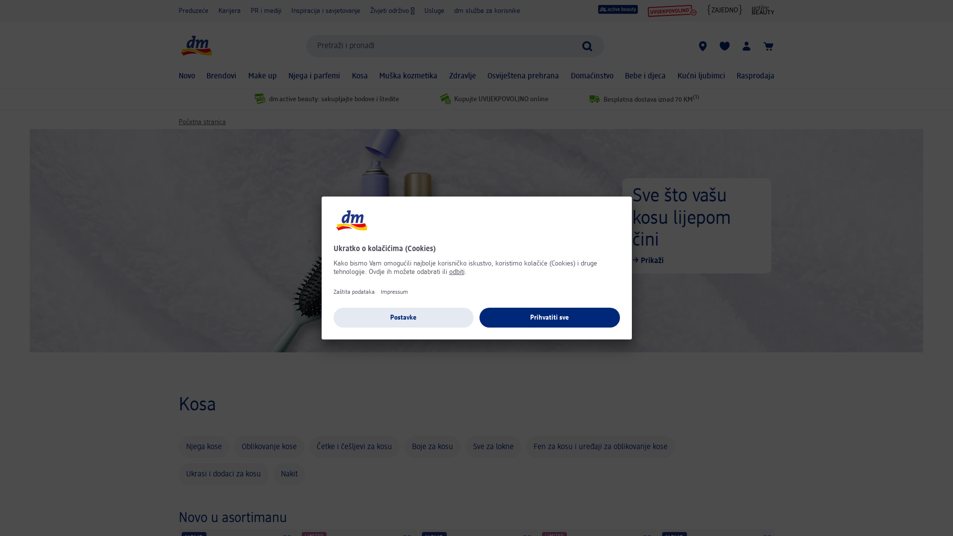 The height and width of the screenshot is (536, 953). I want to click on 'Oblikovanje kose', so click(265, 447).